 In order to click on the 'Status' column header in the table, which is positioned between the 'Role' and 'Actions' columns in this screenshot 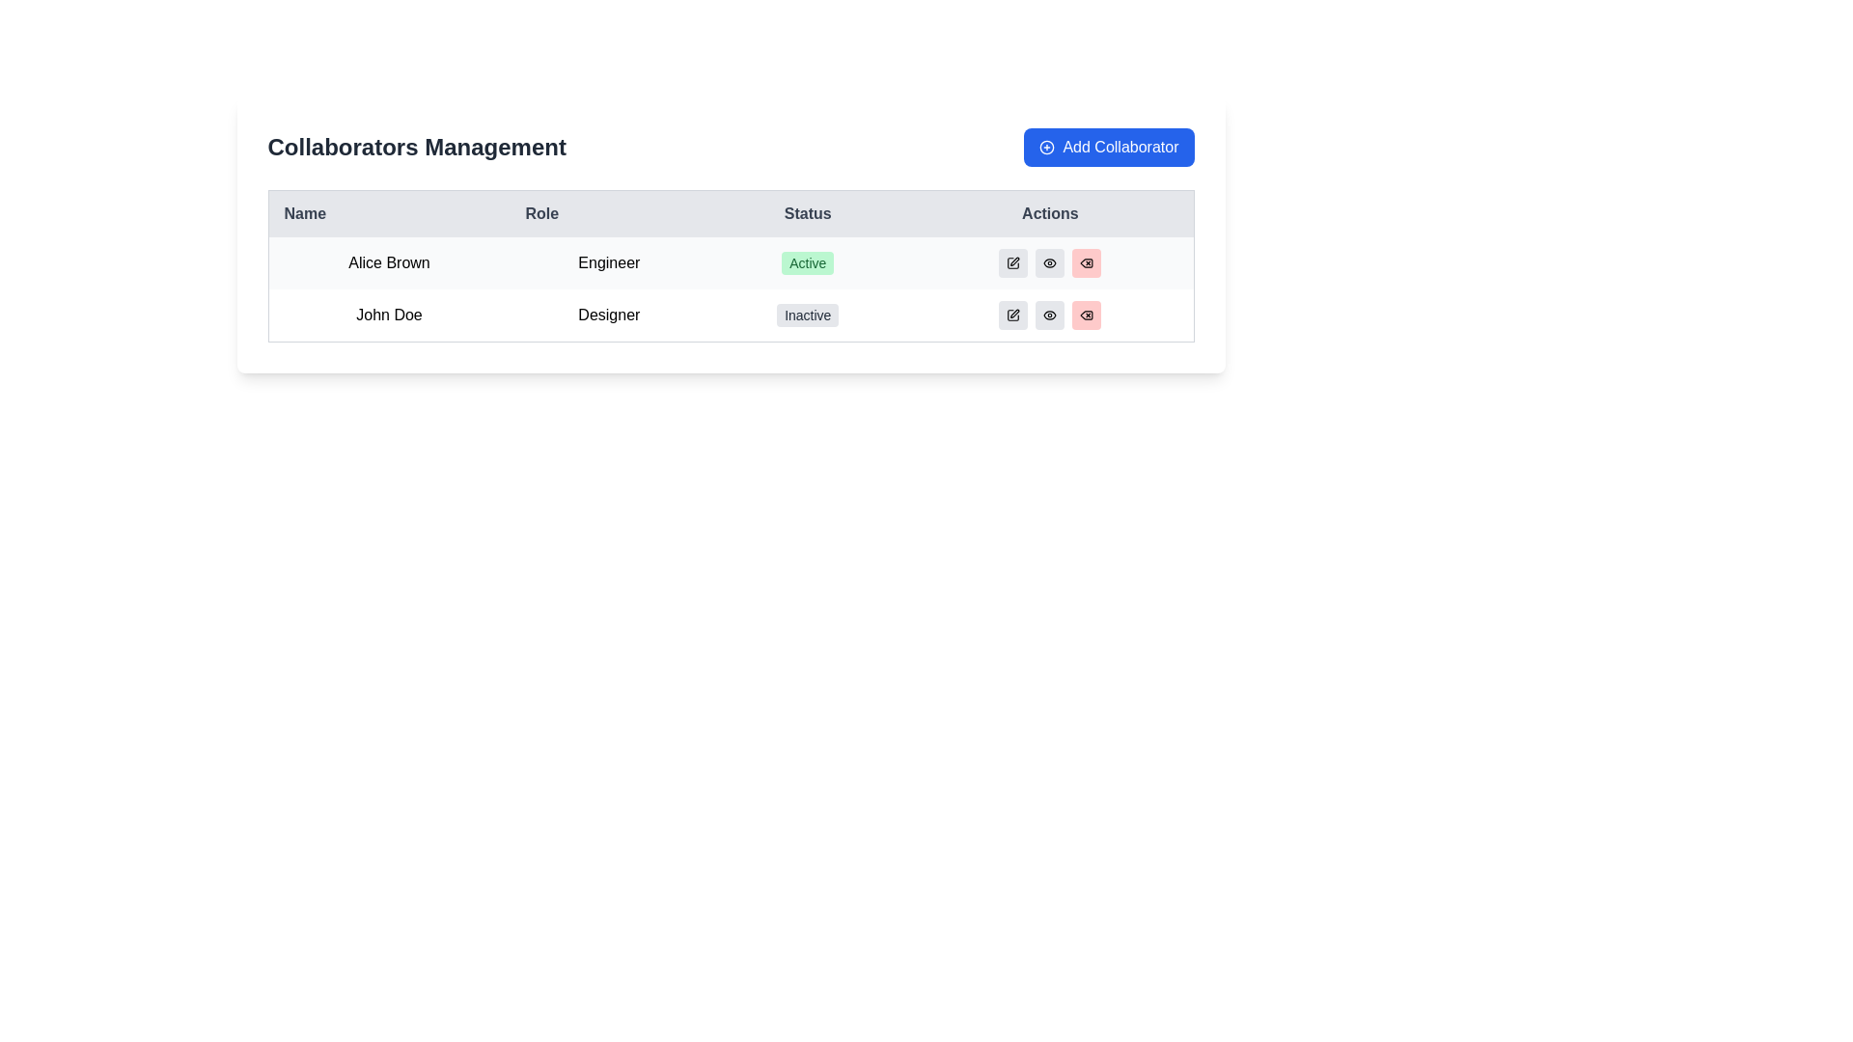, I will do `click(808, 213)`.